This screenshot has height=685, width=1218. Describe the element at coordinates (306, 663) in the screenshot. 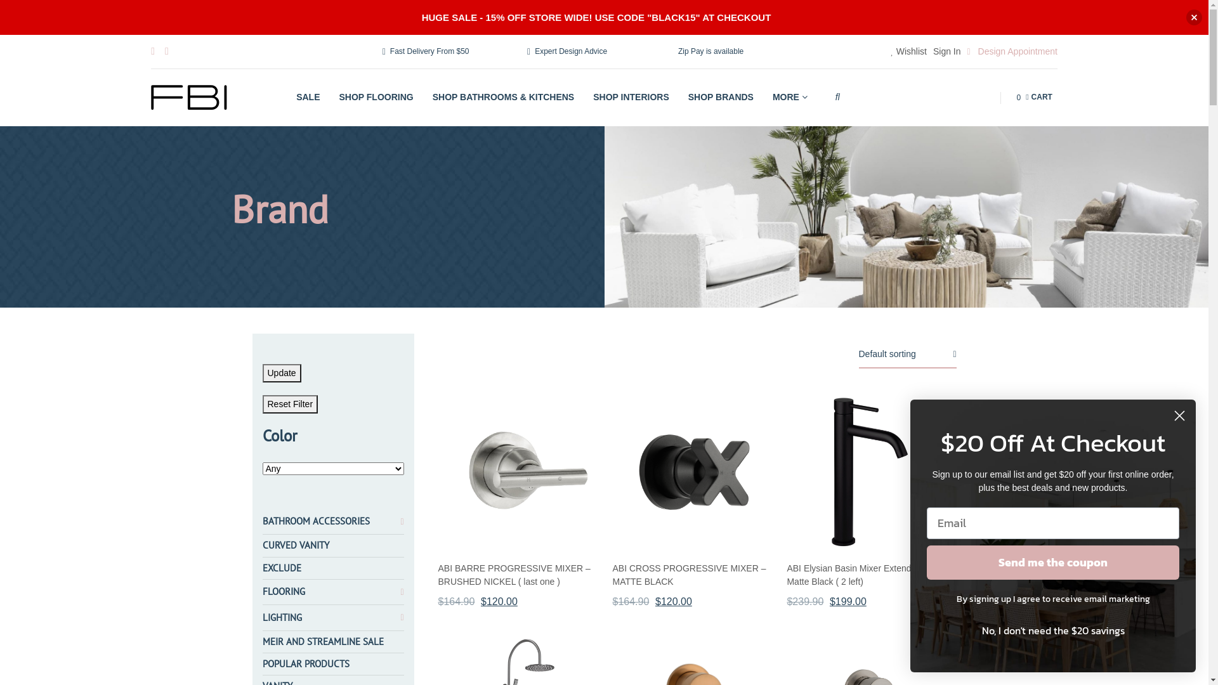

I see `'POPULAR PRODUCTS'` at that location.